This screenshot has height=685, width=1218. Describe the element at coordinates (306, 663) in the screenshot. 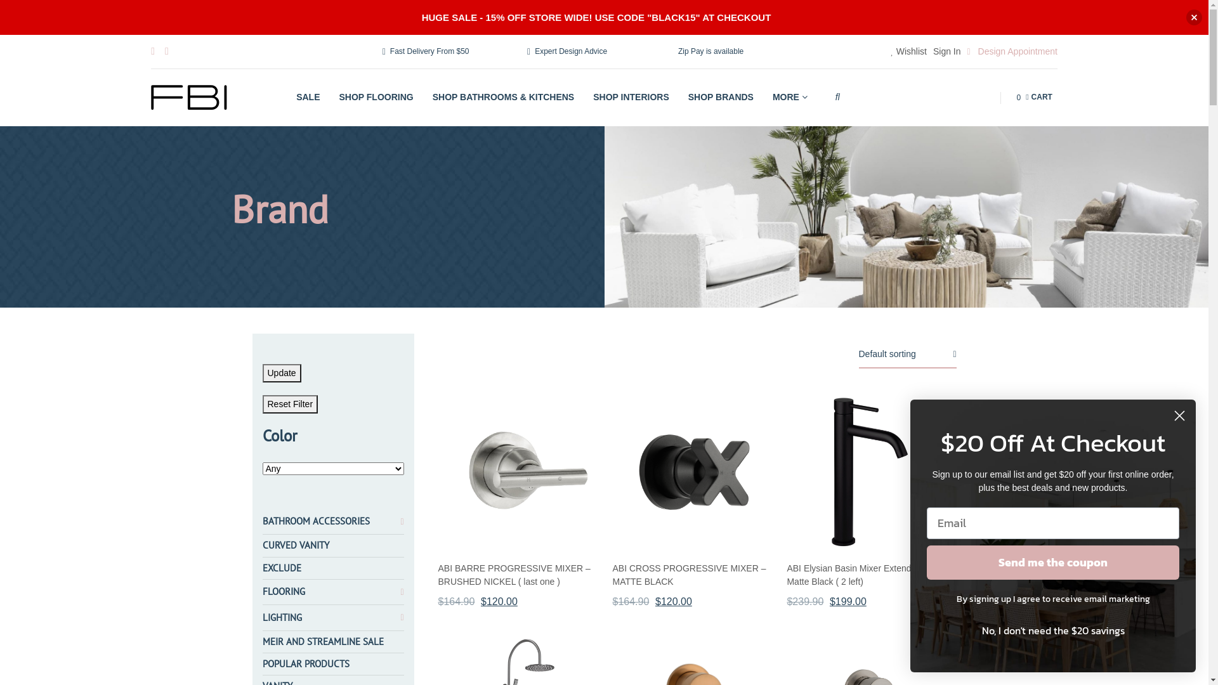

I see `'POPULAR PRODUCTS'` at that location.